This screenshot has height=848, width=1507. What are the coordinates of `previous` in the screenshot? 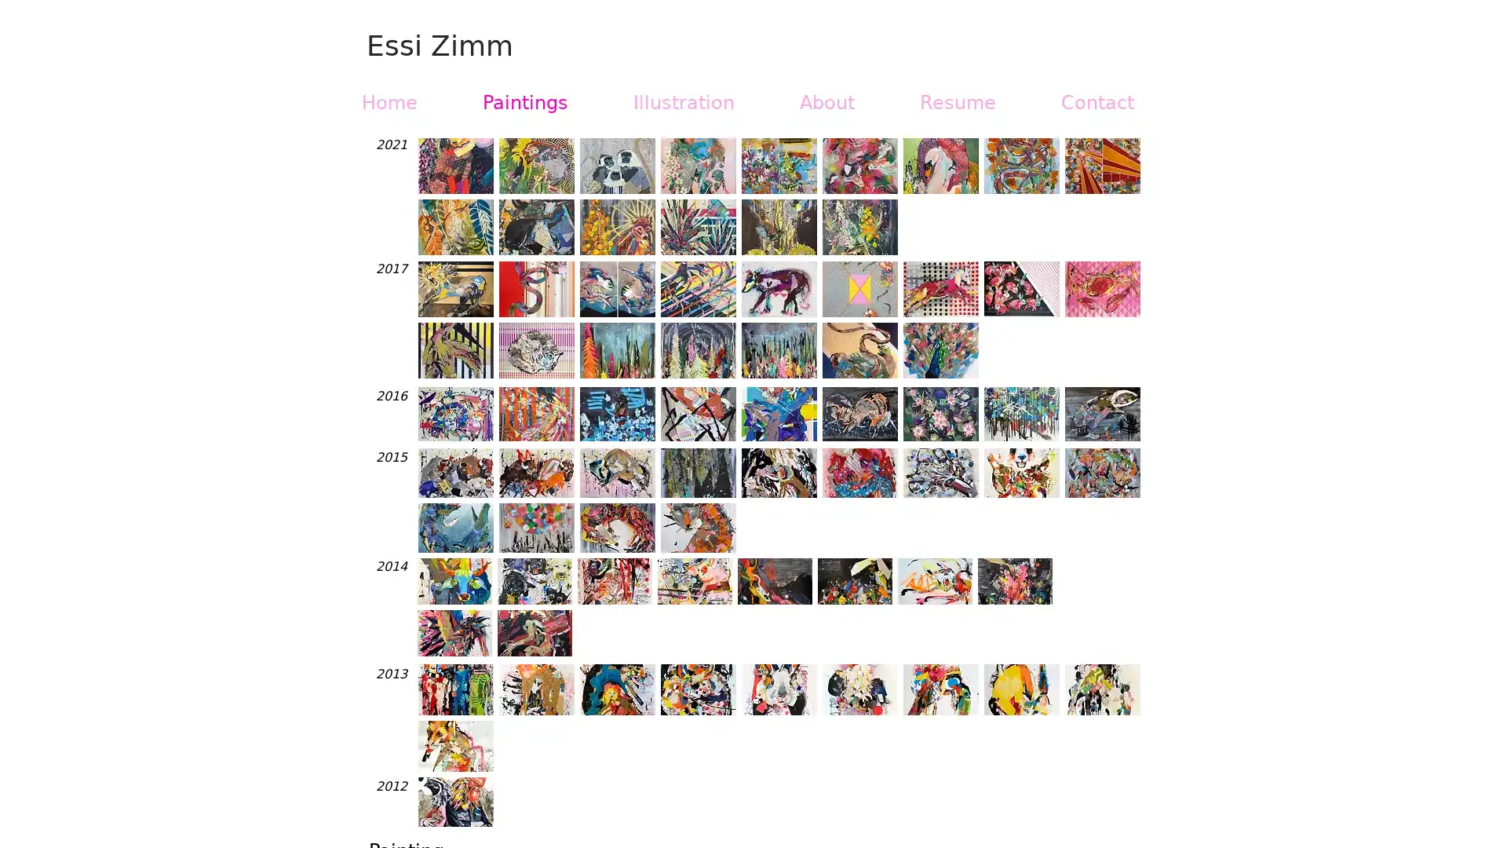 It's located at (451, 514).